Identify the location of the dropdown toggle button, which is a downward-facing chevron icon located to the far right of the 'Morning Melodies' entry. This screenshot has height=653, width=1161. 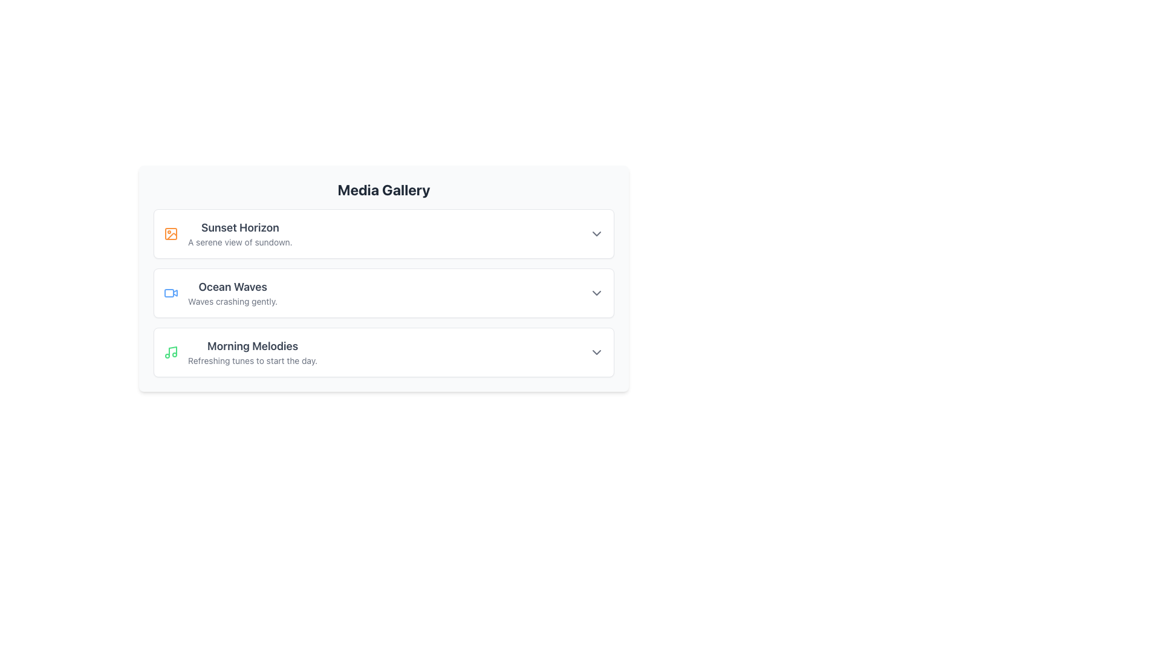
(597, 352).